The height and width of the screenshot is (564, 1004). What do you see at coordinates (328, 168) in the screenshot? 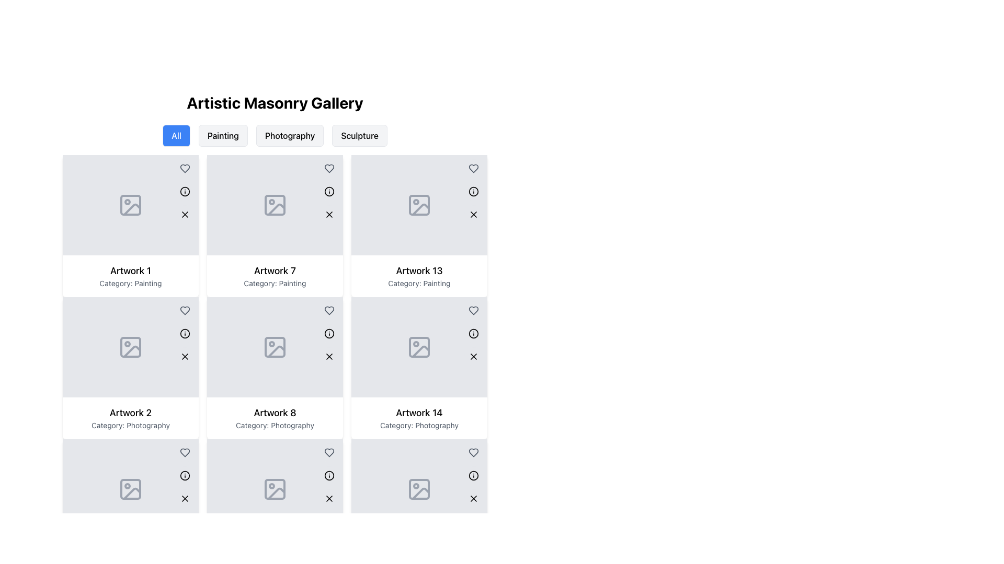
I see `the 'like' button located in the top-right corner of the grid card for 'Artwork 7' to mark it as a favorite` at bounding box center [328, 168].